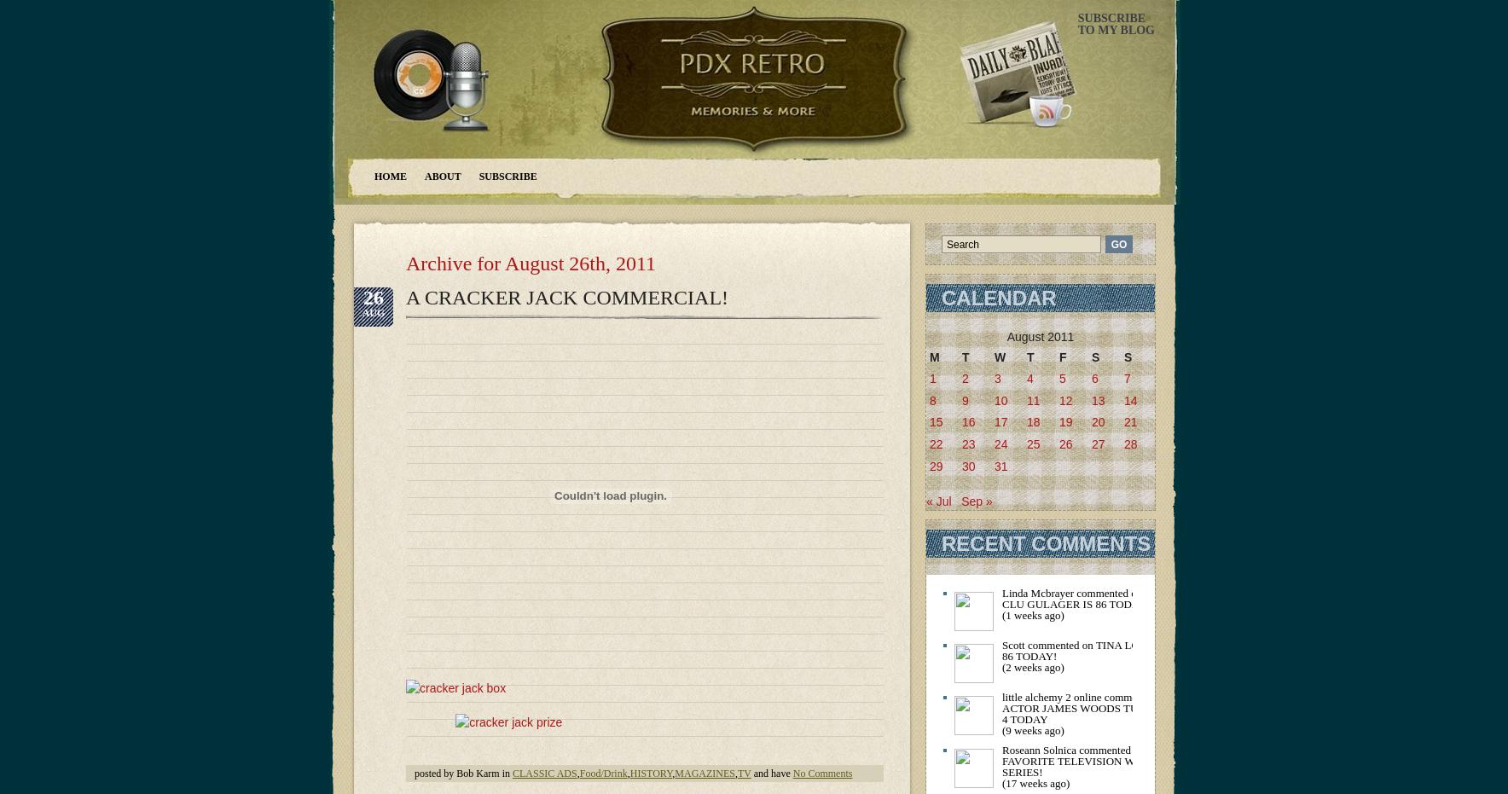 The width and height of the screenshot is (1508, 794). I want to click on '6', so click(1094, 377).